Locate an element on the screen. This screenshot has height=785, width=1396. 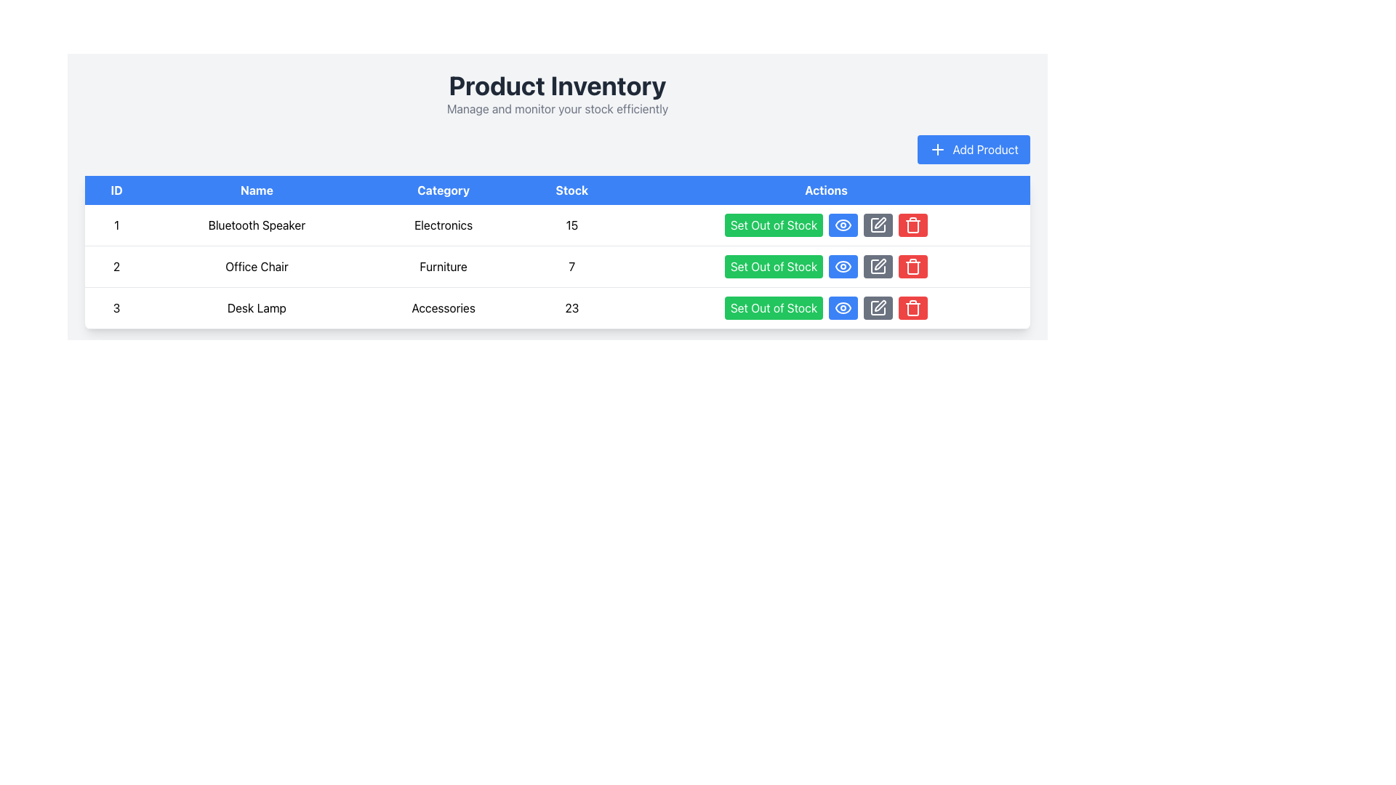
the 'edit' icon located in the rightmost column of the third row under the 'Actions' header to initiate an edit action is located at coordinates (878, 307).